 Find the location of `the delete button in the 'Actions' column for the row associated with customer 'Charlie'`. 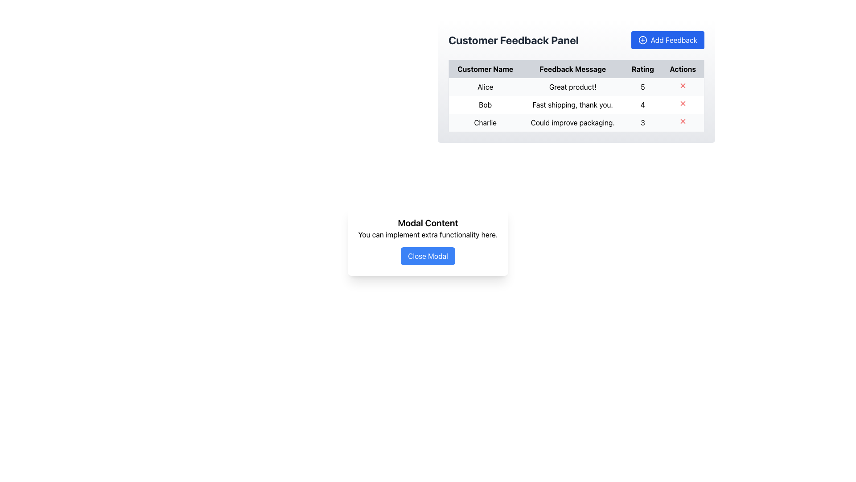

the delete button in the 'Actions' column for the row associated with customer 'Charlie' is located at coordinates (683, 123).